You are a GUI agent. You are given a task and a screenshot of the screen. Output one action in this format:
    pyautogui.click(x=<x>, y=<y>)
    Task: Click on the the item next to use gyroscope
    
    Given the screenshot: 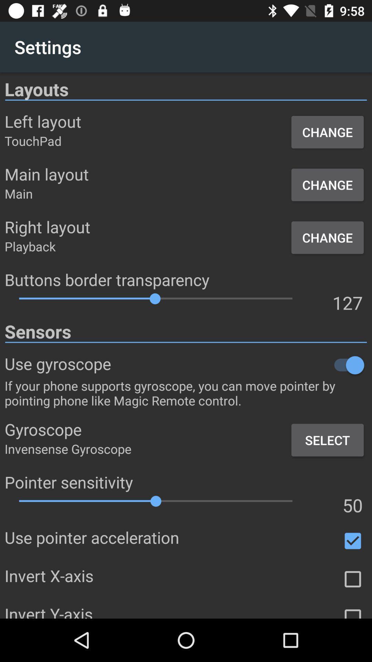 What is the action you would take?
    pyautogui.click(x=239, y=365)
    